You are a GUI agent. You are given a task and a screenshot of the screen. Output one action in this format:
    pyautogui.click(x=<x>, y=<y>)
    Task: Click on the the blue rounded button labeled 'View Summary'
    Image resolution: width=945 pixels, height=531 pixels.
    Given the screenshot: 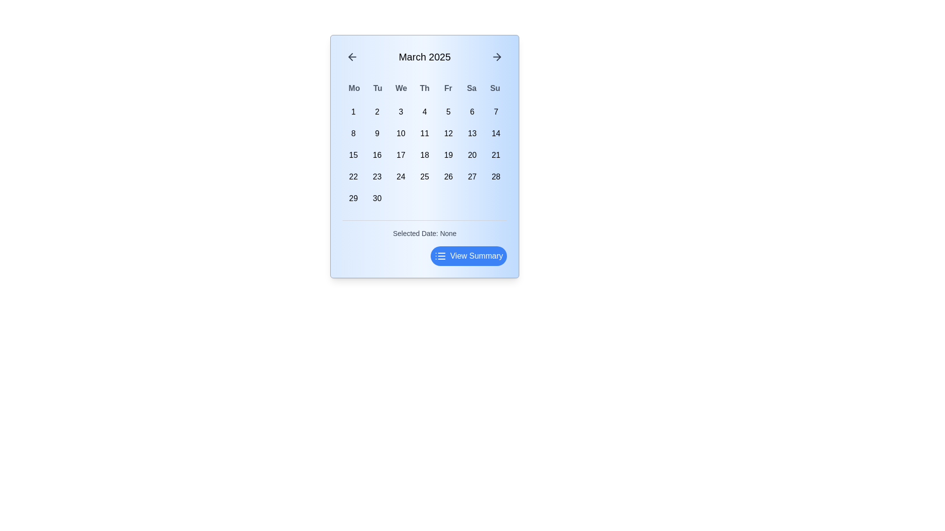 What is the action you would take?
    pyautogui.click(x=425, y=255)
    